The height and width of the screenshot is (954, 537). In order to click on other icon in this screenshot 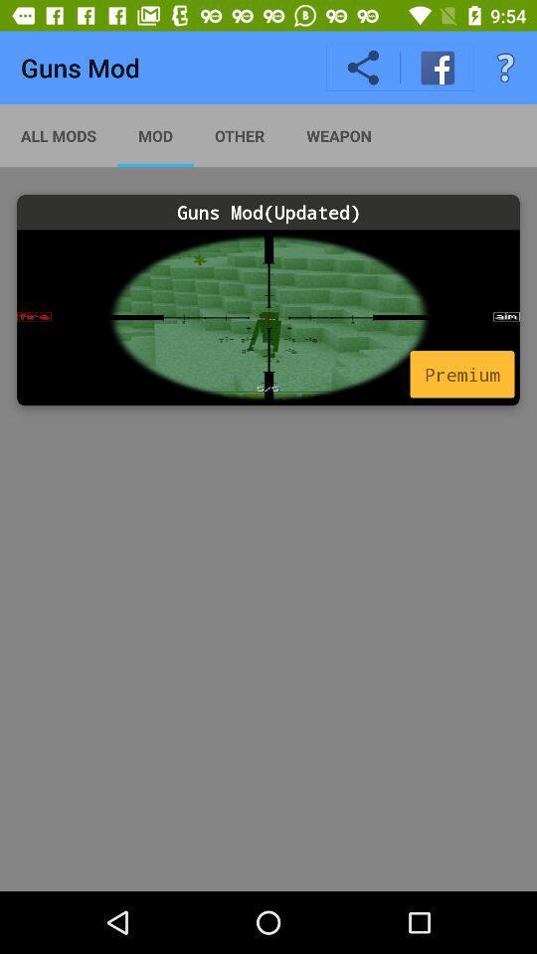, I will do `click(240, 134)`.